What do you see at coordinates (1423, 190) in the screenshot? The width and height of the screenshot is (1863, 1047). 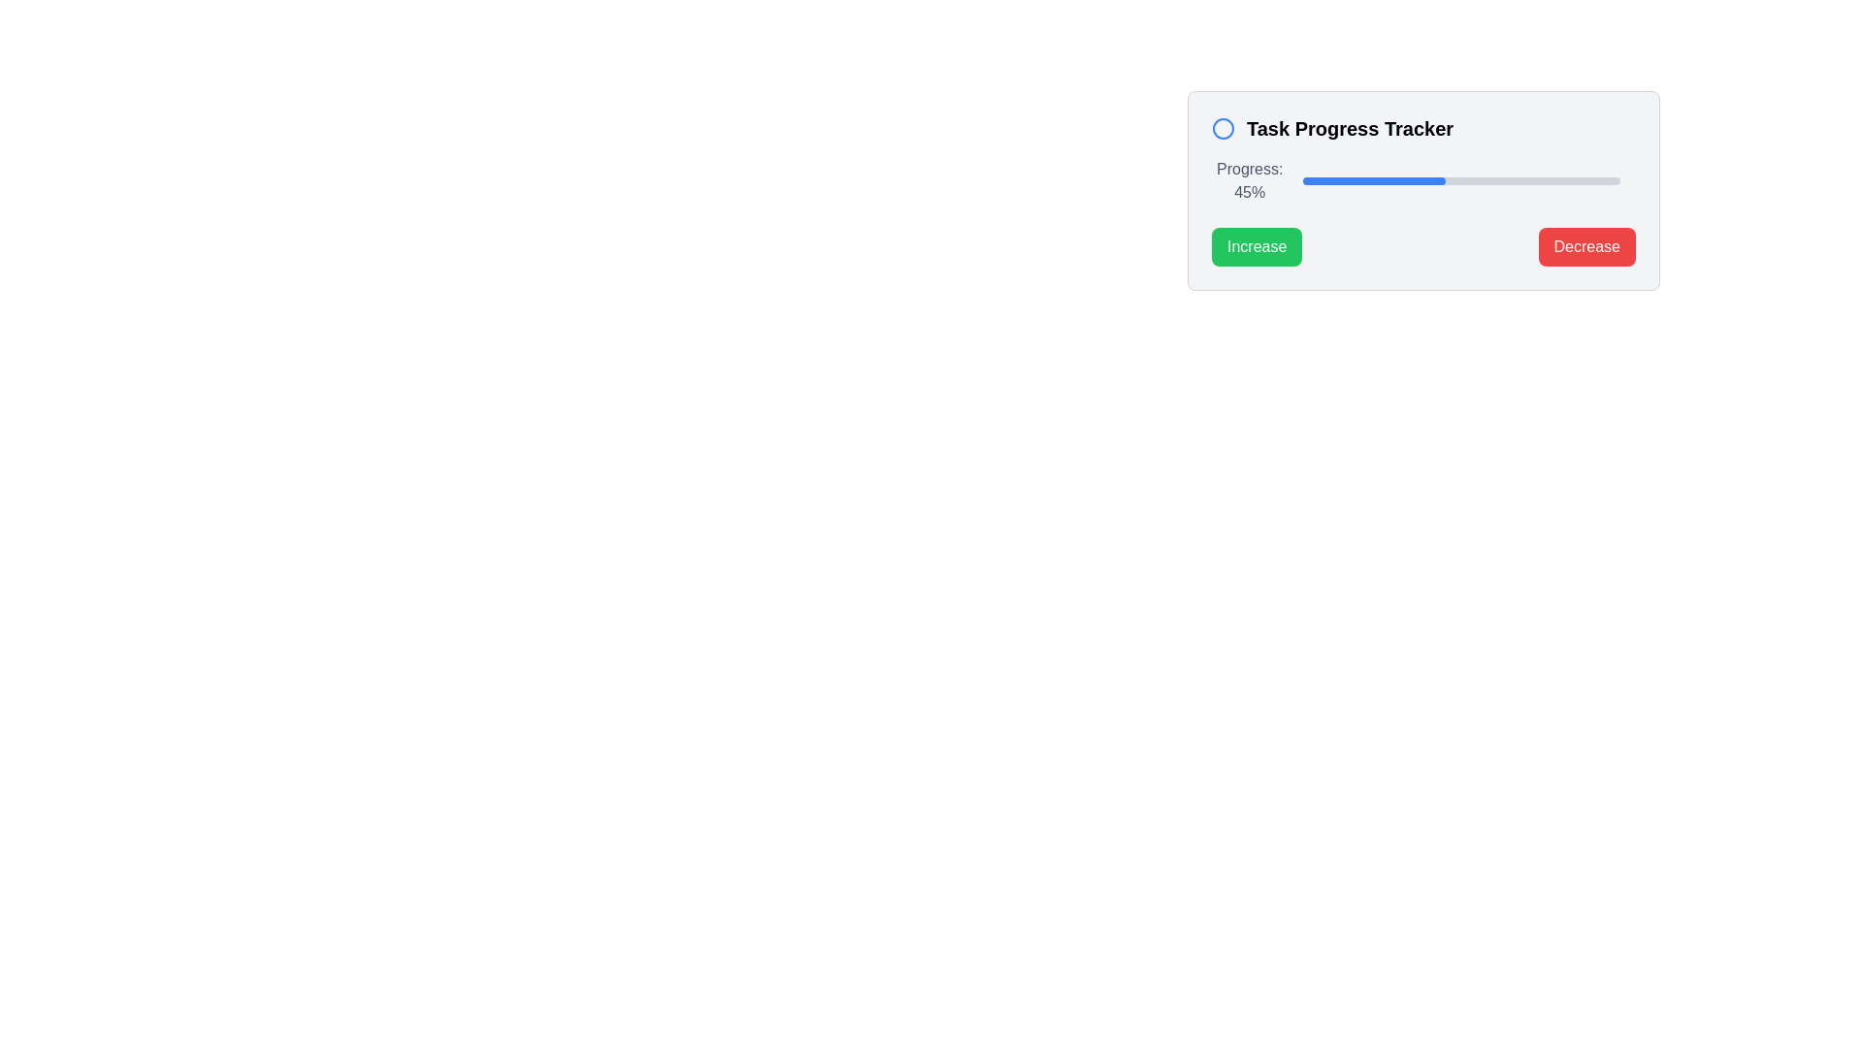 I see `the green 'Increase' button located at the bottom of the Task Progress Tracker card to augment the progress` at bounding box center [1423, 190].